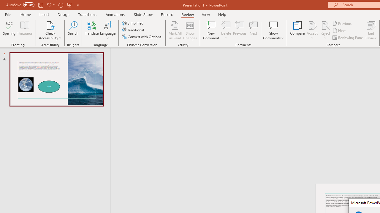  What do you see at coordinates (370, 30) in the screenshot?
I see `'End Review'` at bounding box center [370, 30].